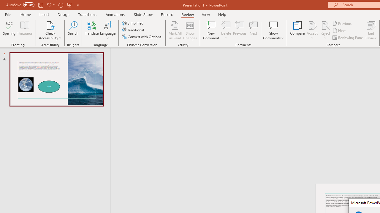  What do you see at coordinates (370, 30) in the screenshot?
I see `'End Review'` at bounding box center [370, 30].